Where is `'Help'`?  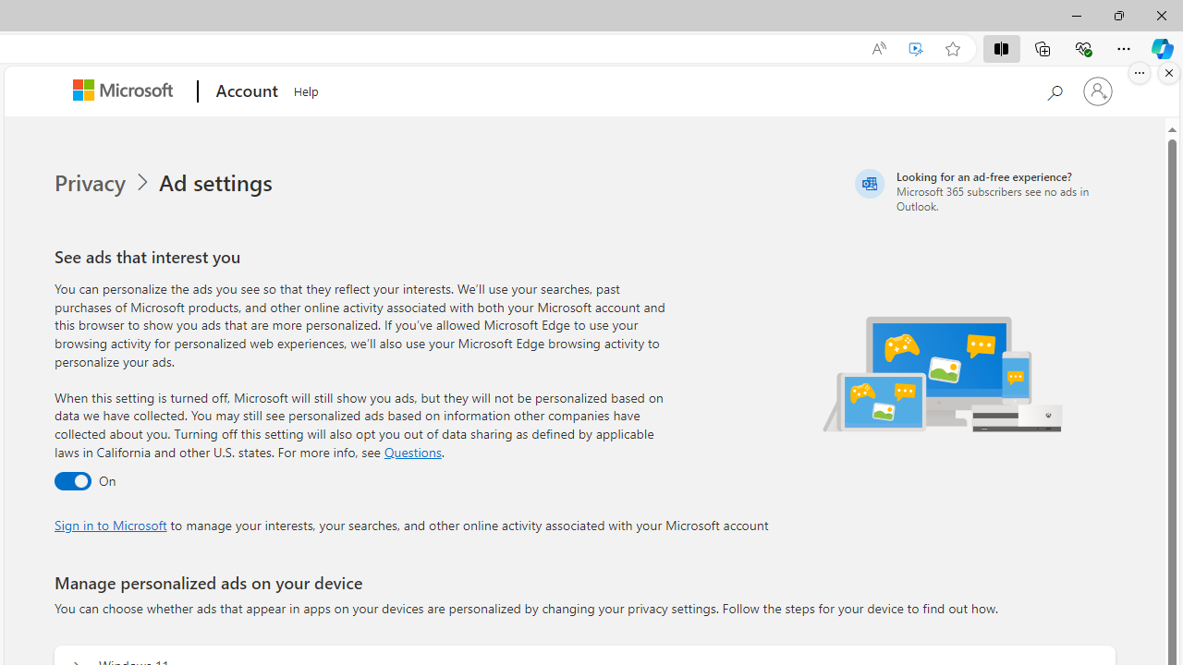
'Help' is located at coordinates (306, 89).